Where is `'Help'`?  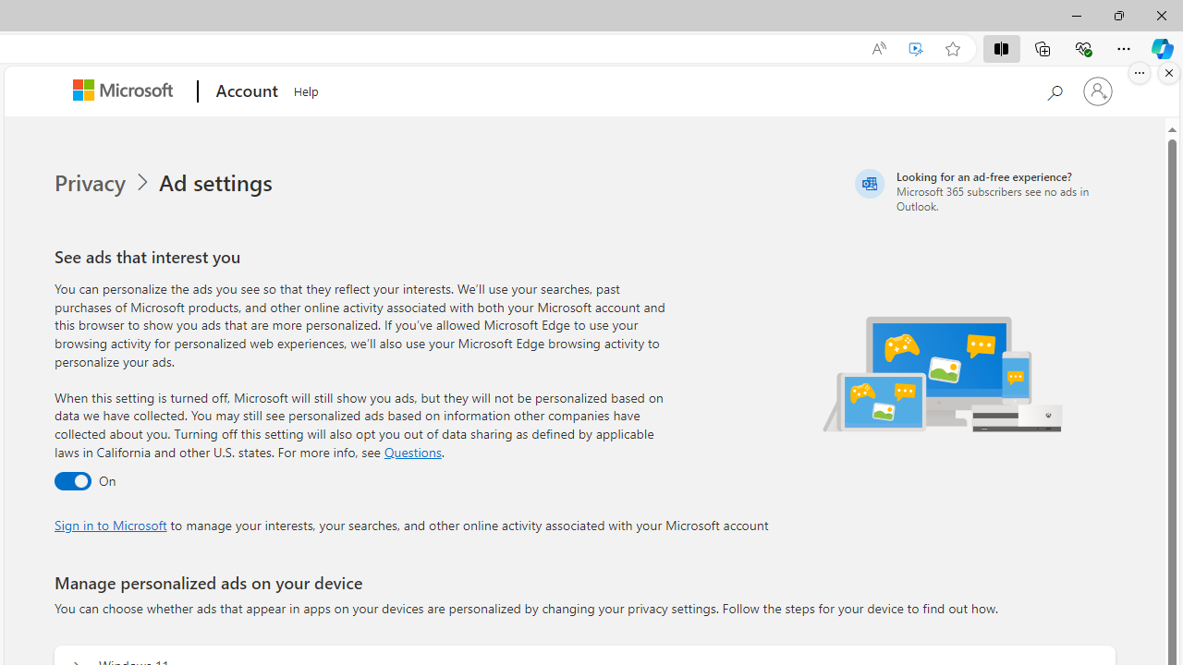
'Help' is located at coordinates (306, 89).